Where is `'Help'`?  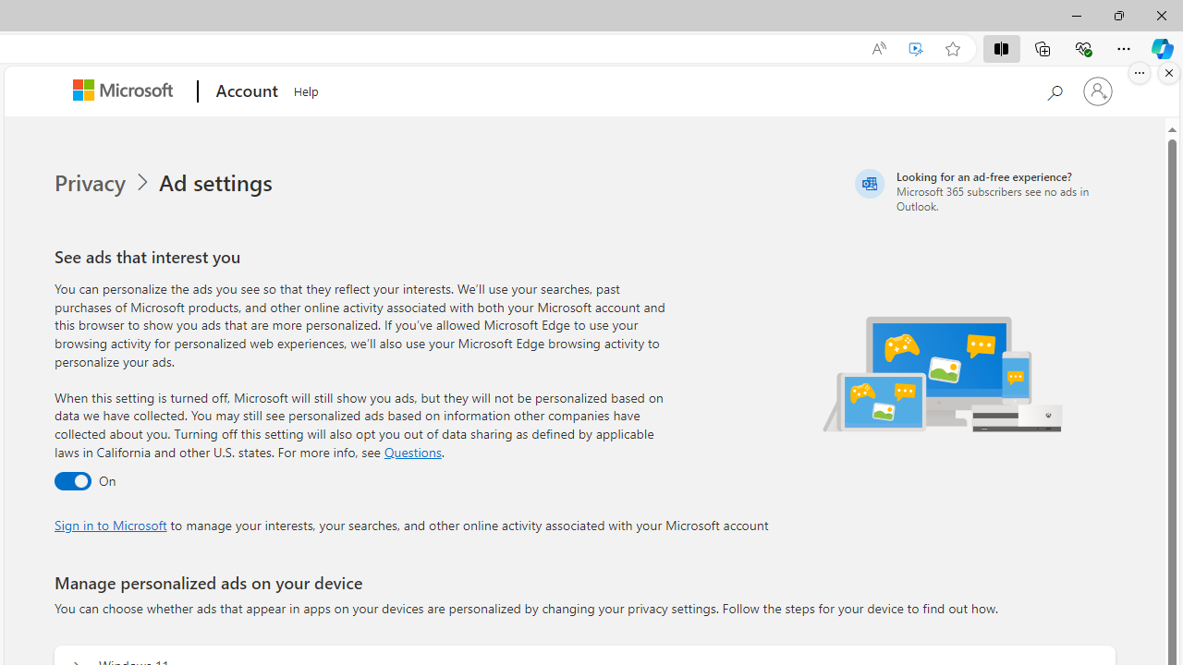
'Help' is located at coordinates (306, 89).